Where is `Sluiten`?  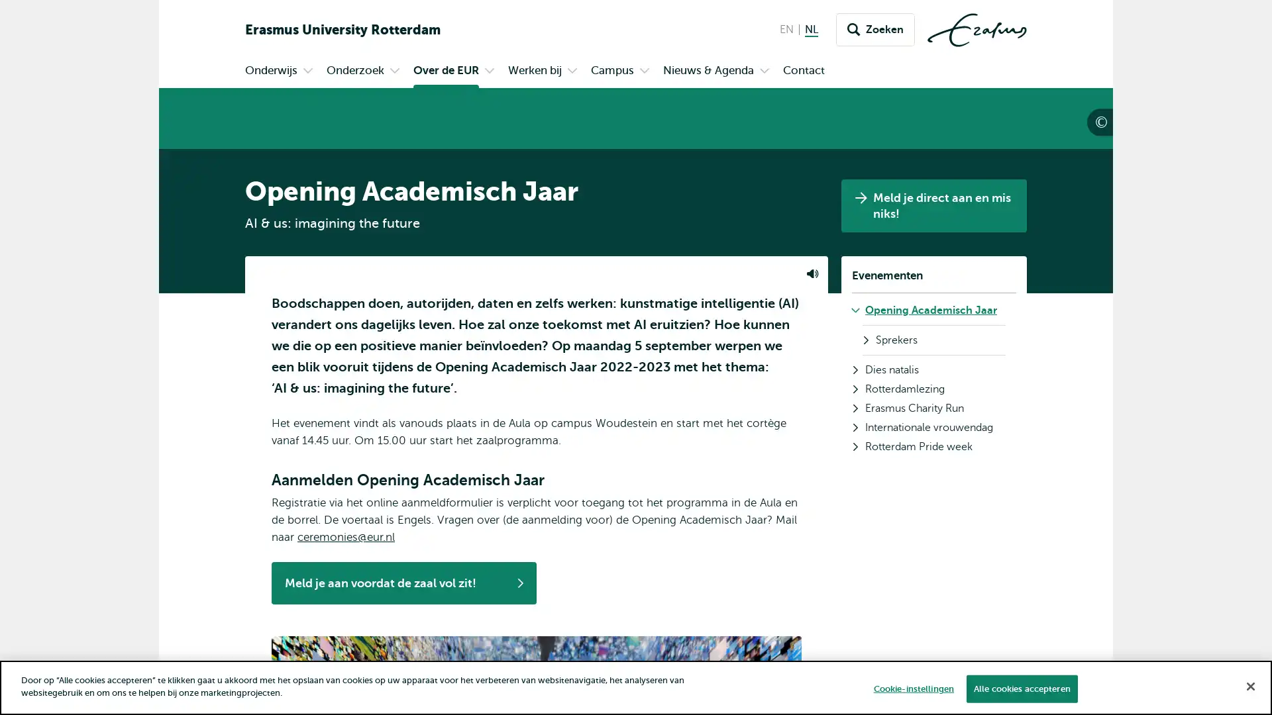
Sluiten is located at coordinates (1249, 685).